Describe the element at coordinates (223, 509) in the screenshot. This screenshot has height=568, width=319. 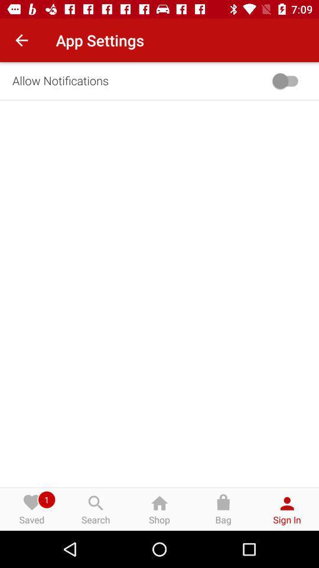
I see `bag option on page` at that location.